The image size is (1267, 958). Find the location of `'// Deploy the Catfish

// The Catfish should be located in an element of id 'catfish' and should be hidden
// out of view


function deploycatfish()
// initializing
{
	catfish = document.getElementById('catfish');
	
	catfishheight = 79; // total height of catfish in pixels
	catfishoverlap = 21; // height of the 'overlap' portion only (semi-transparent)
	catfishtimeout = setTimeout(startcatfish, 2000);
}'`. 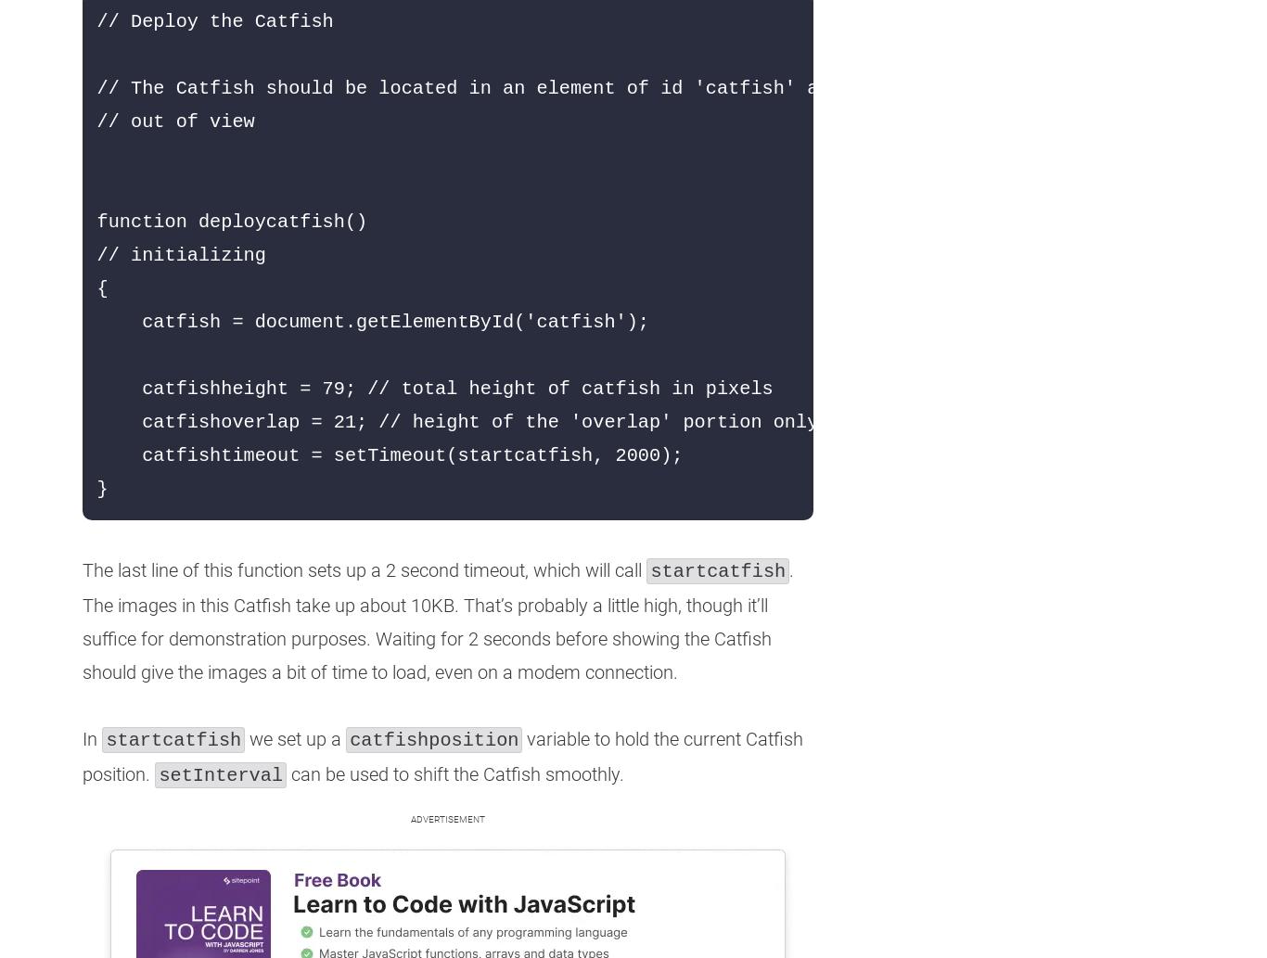

'// Deploy the Catfish

// The Catfish should be located in an element of id 'catfish' and should be hidden
// out of view


function deploycatfish()
// initializing
{
	catfish = document.getElementById('catfish');
	
	catfishheight = 79; // total height of catfish in pixels
	catfishoverlap = 21; // height of the 'overlap' portion only (semi-transparent)
	catfishtimeout = setTimeout(startcatfish, 2000);
}' is located at coordinates (563, 254).